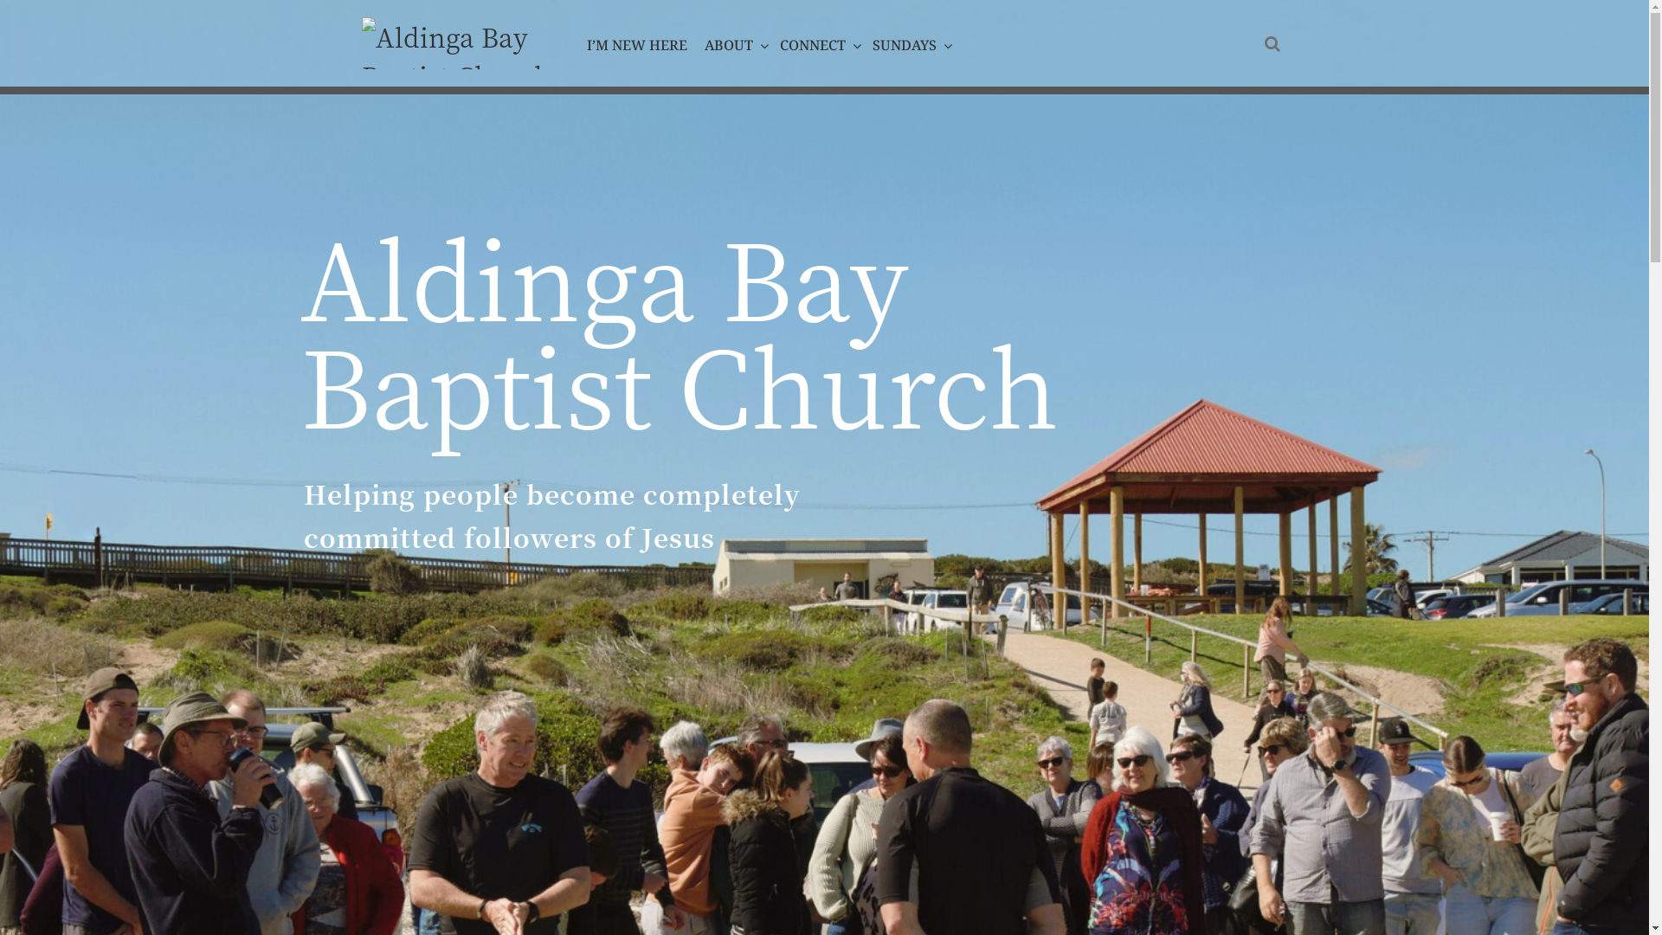 Image resolution: width=1662 pixels, height=935 pixels. Describe the element at coordinates (816, 43) in the screenshot. I see `'CONNECT'` at that location.